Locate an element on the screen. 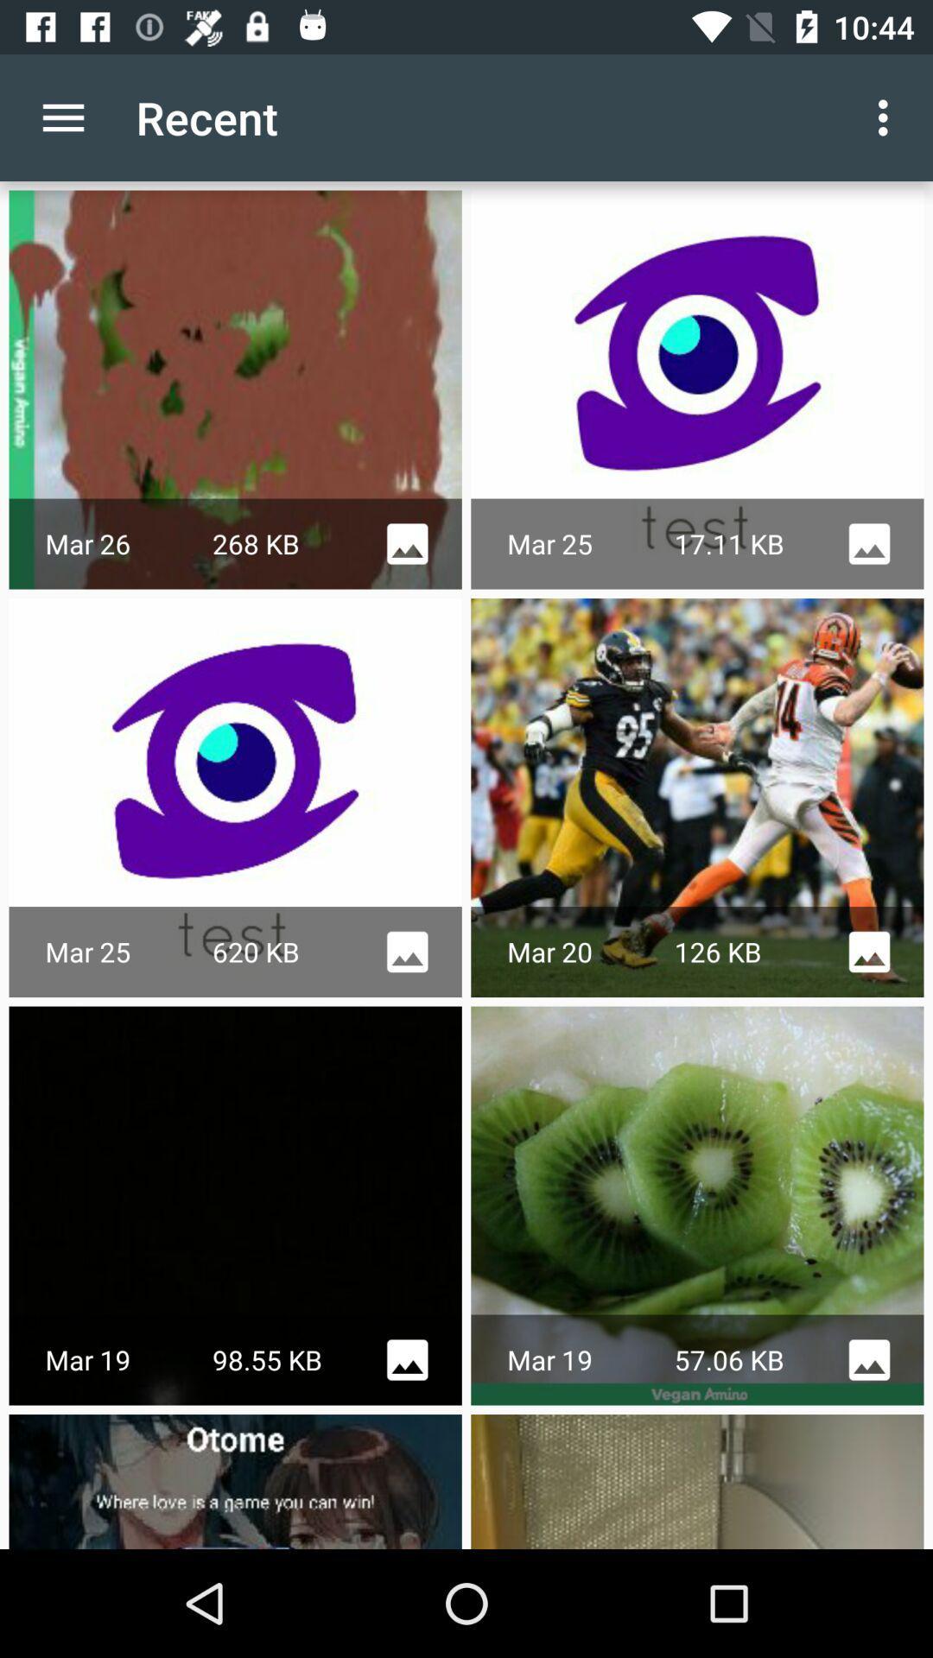 Image resolution: width=933 pixels, height=1658 pixels. the icon next to recent app is located at coordinates (62, 117).